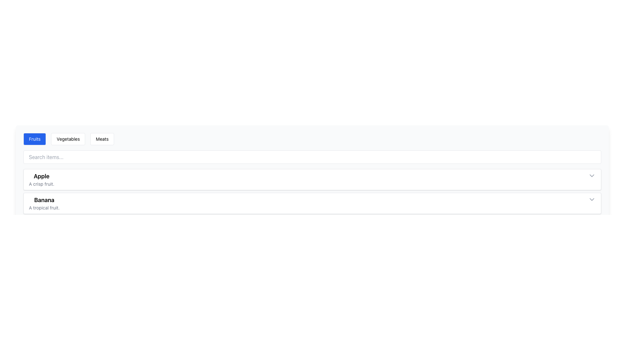 The image size is (617, 347). What do you see at coordinates (44, 203) in the screenshot?
I see `the List Item Display element that shows information about 'Banana', positioned below the 'Apple' item` at bounding box center [44, 203].